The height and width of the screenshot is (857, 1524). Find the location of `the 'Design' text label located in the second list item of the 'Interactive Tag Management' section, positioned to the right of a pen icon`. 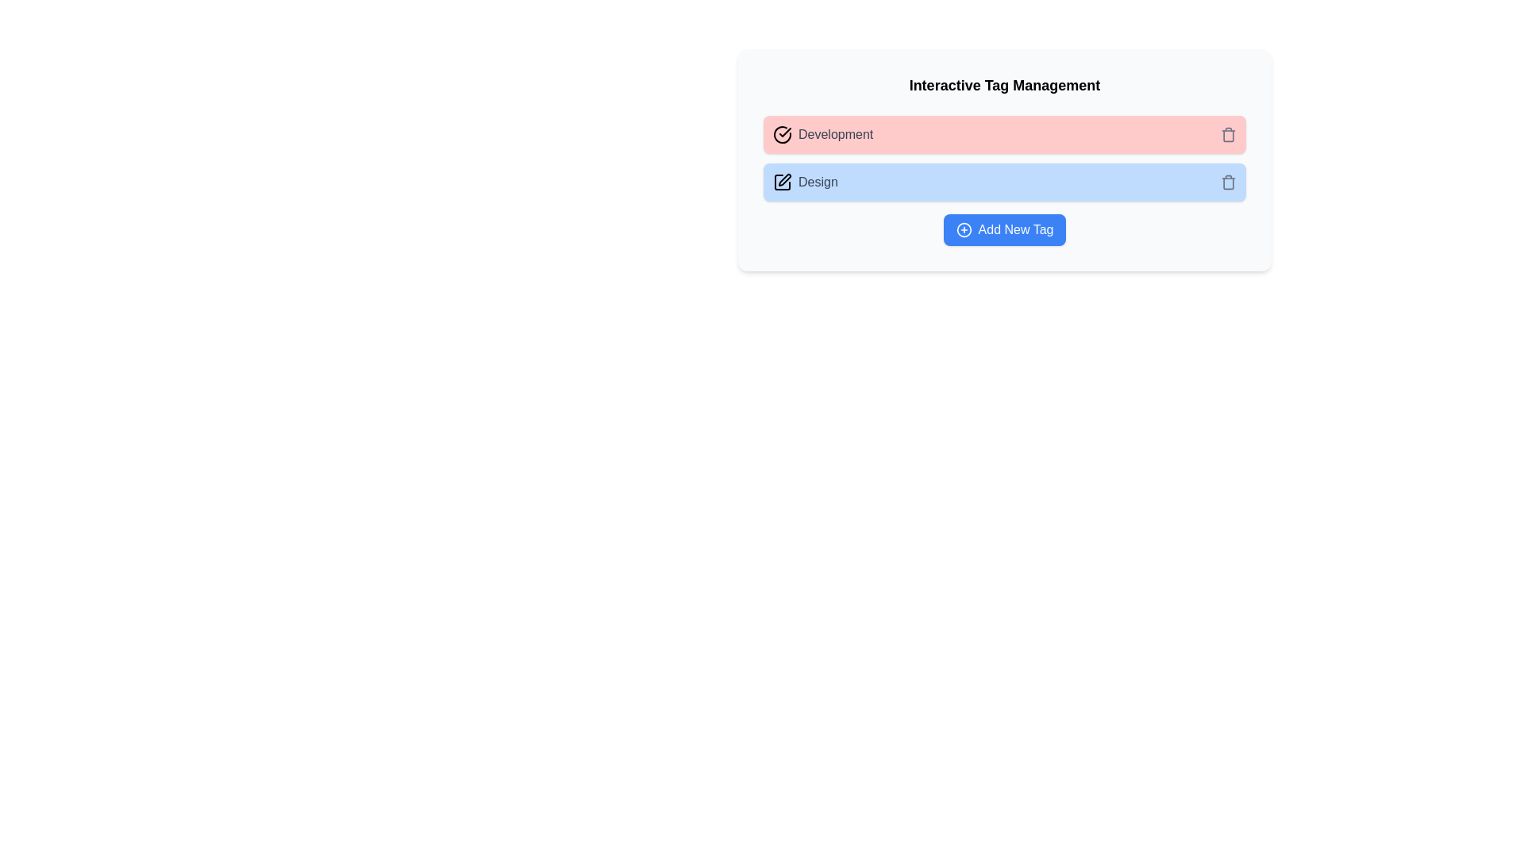

the 'Design' text label located in the second list item of the 'Interactive Tag Management' section, positioned to the right of a pen icon is located at coordinates (818, 182).